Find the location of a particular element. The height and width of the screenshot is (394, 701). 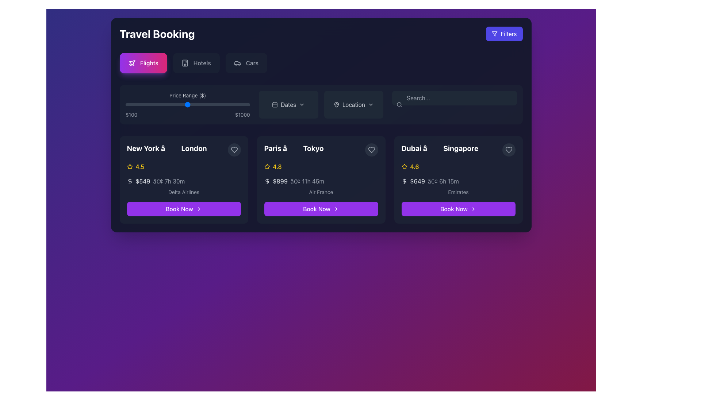

the price range is located at coordinates (161, 104).